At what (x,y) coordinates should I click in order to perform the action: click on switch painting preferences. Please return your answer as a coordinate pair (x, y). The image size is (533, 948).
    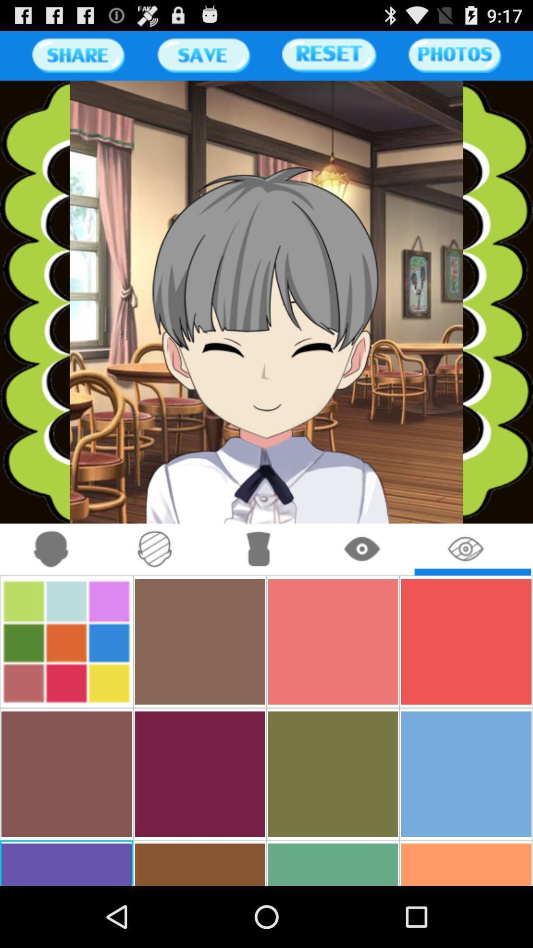
    Looking at the image, I should click on (155, 549).